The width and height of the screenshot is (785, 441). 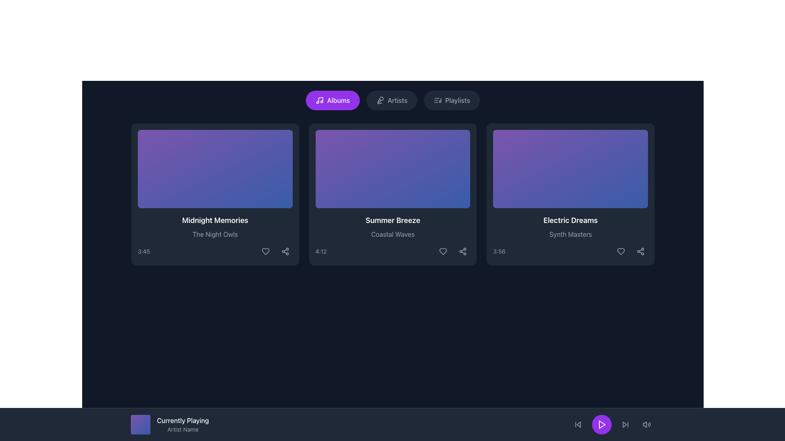 What do you see at coordinates (285, 251) in the screenshot?
I see `the small circular button containing a share-like icon with three connected dots arranged in a triangular pattern, located at the bottom right corner of the 'Midnight Memories' album card` at bounding box center [285, 251].